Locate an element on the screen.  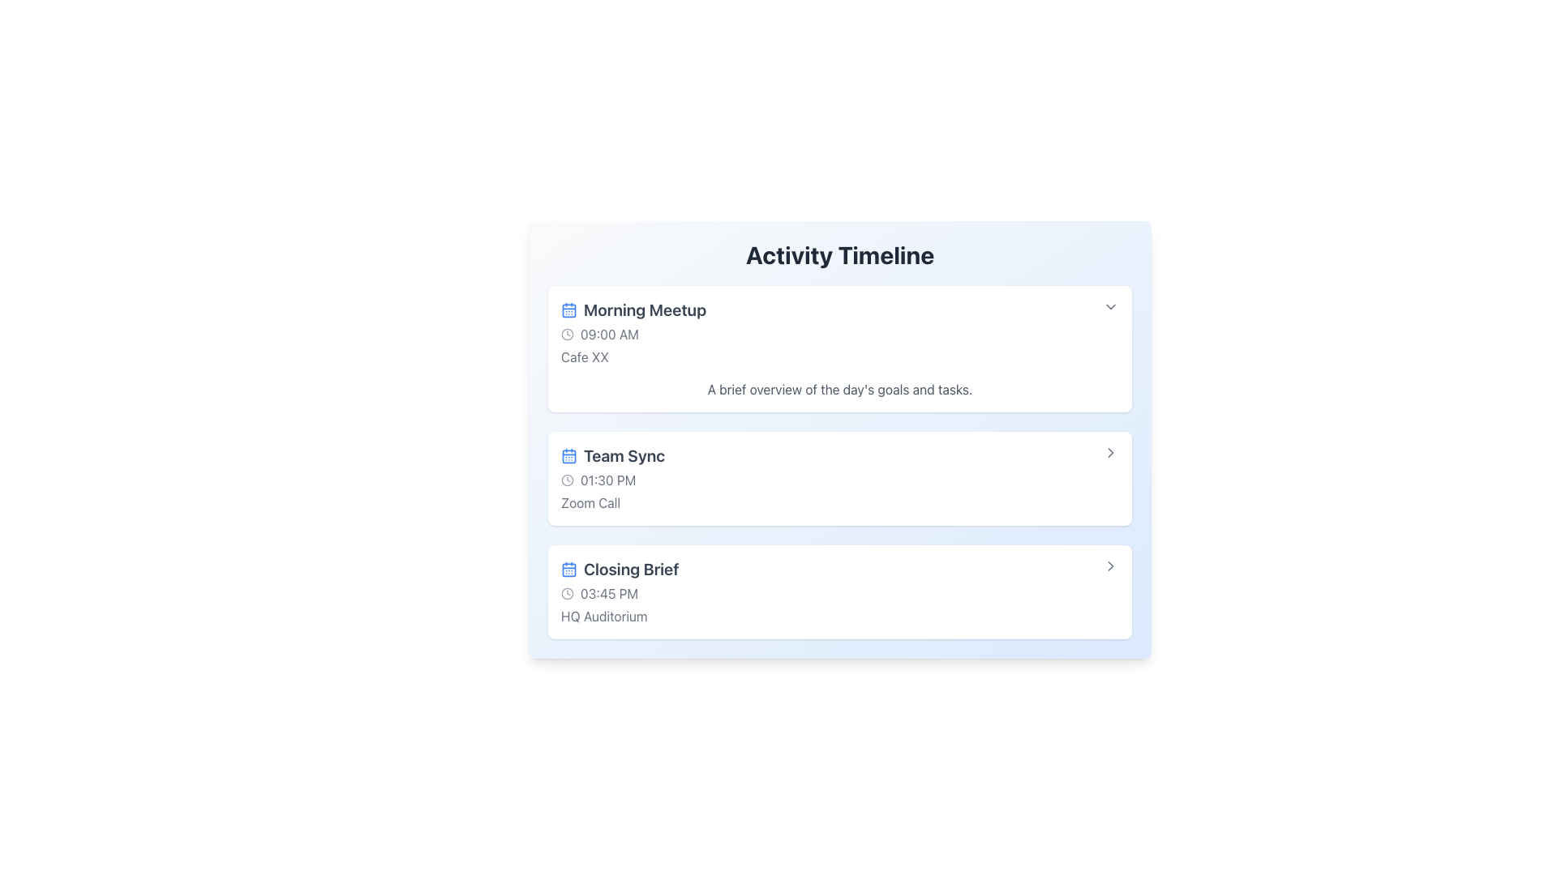
the 'Closing Brief' event in the Activity Timeline section is located at coordinates (619, 592).